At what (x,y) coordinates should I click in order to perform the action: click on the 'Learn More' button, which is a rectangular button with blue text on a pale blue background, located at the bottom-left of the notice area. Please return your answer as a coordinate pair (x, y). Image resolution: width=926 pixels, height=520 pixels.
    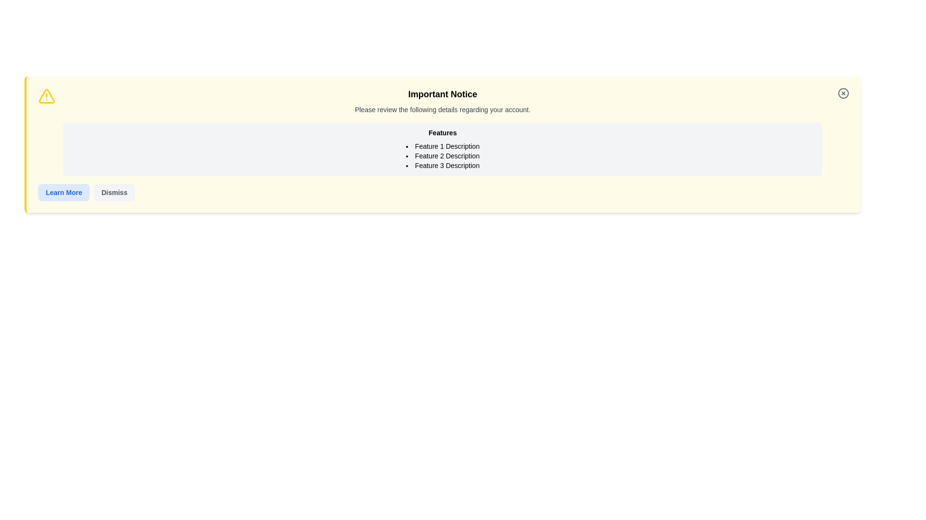
    Looking at the image, I should click on (63, 193).